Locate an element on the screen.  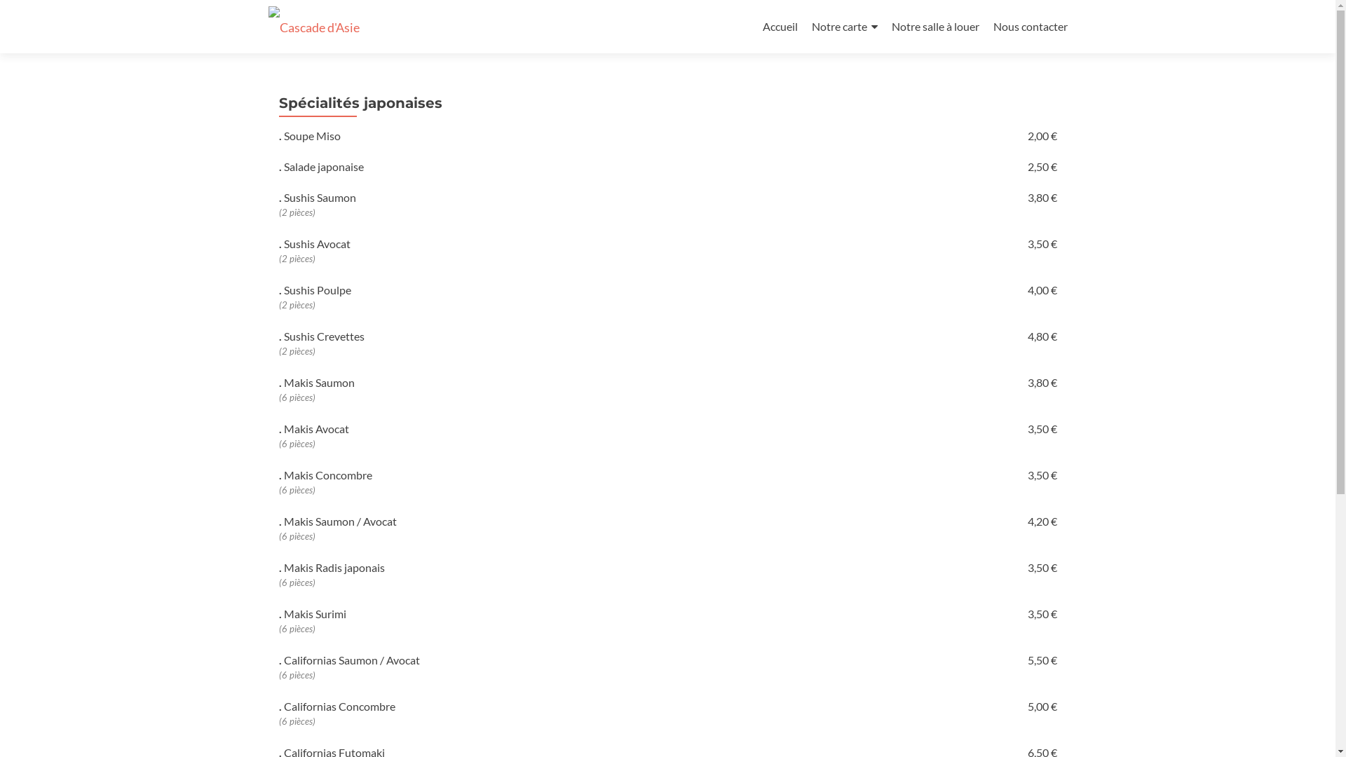
'Nous contacter' is located at coordinates (1029, 26).